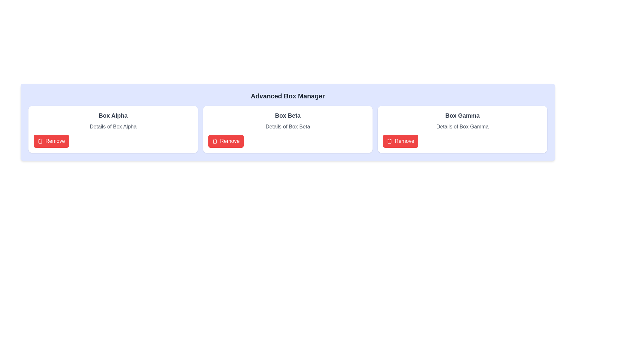 The width and height of the screenshot is (628, 353). I want to click on the SVG icon located to the left of the 'Remove' text within the red rectangular button below the 'Box Beta' card, so click(215, 141).